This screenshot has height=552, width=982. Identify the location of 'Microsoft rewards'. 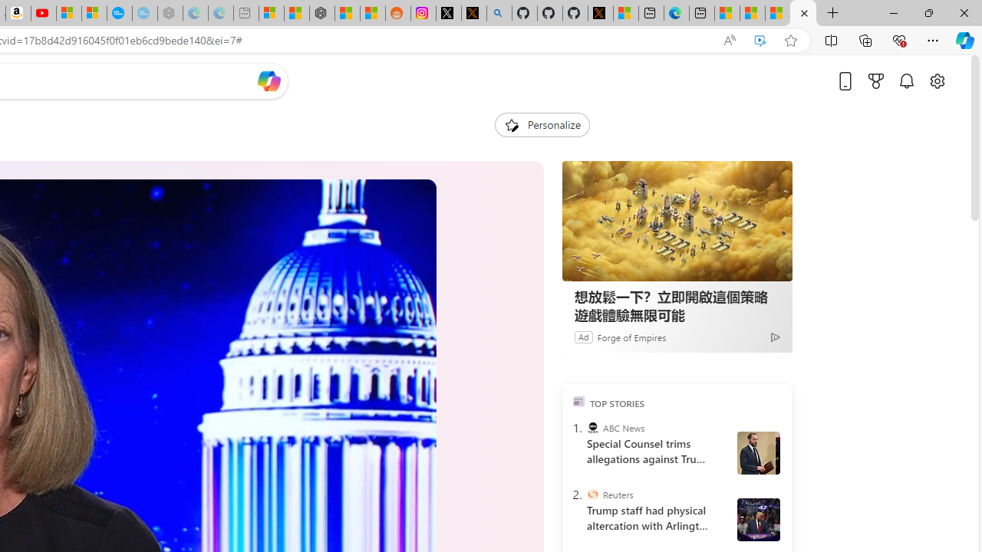
(876, 80).